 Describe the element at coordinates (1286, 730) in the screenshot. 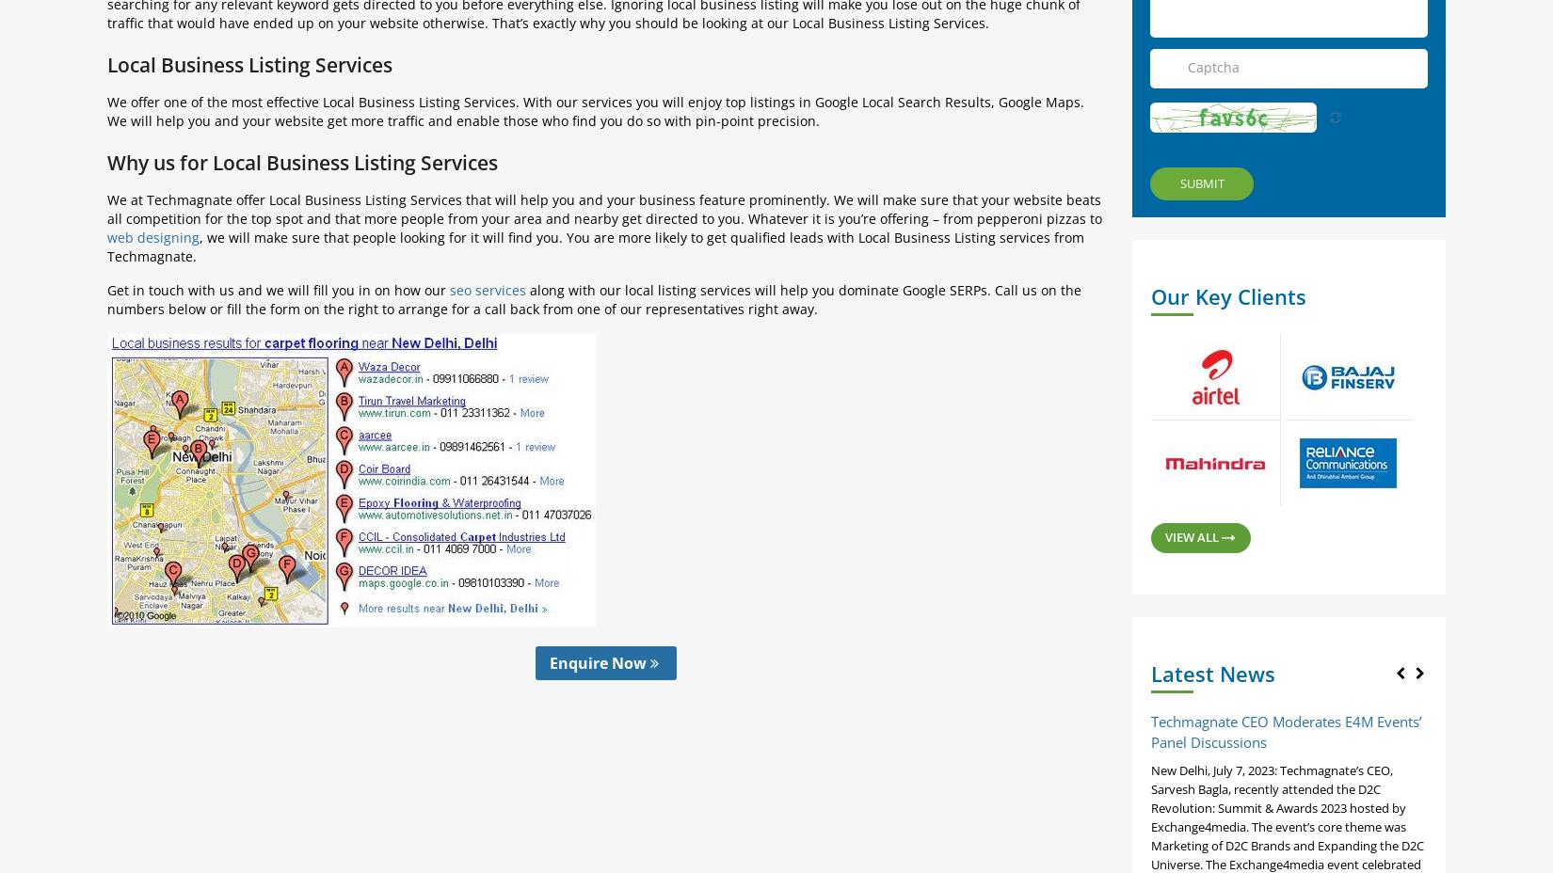

I see `'Techmagnate CEO Moderates E4M Events’ Panel Discussions'` at that location.